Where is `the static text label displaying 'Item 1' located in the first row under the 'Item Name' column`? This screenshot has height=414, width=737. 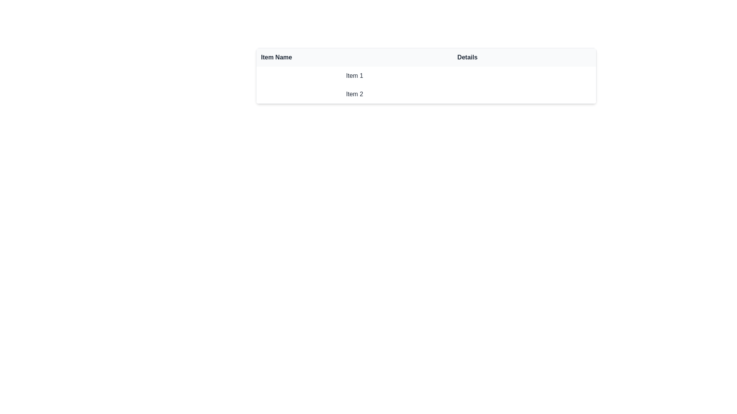 the static text label displaying 'Item 1' located in the first row under the 'Item Name' column is located at coordinates (354, 76).